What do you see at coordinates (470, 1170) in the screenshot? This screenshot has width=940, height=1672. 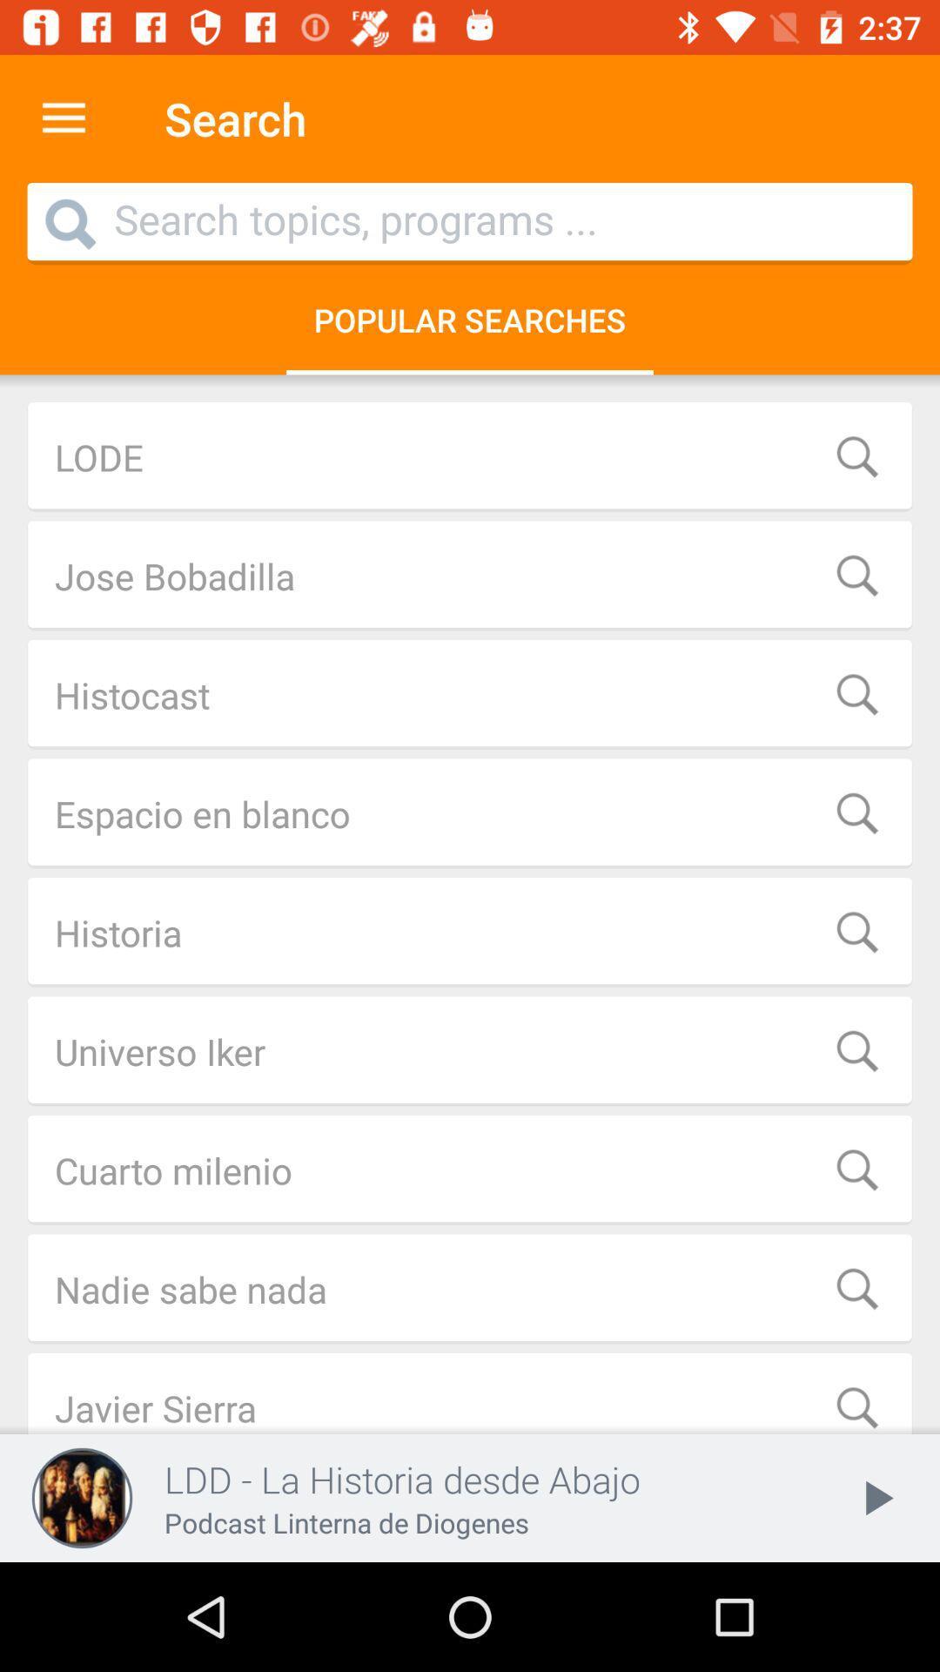 I see `the cuarto milenio icon` at bounding box center [470, 1170].